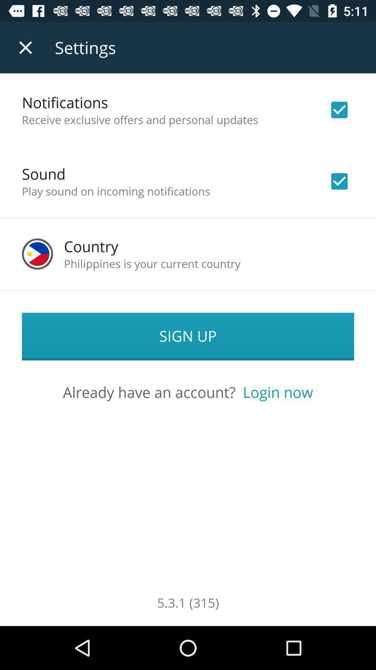  What do you see at coordinates (188, 336) in the screenshot?
I see `the sign up` at bounding box center [188, 336].